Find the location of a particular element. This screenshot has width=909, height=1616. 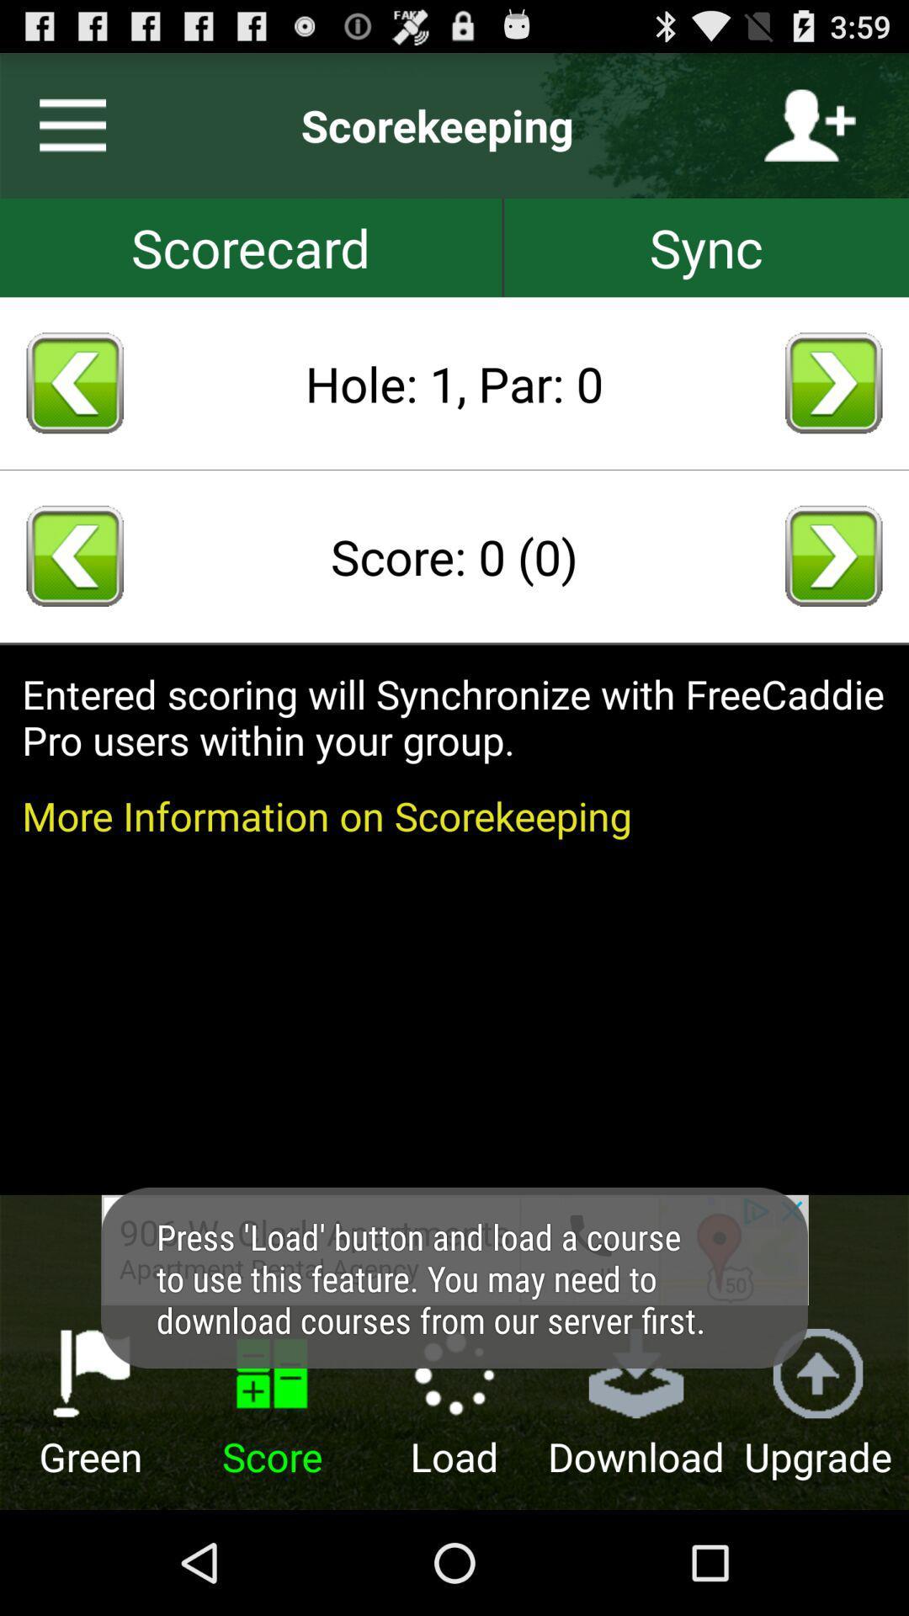

next is located at coordinates (833, 382).